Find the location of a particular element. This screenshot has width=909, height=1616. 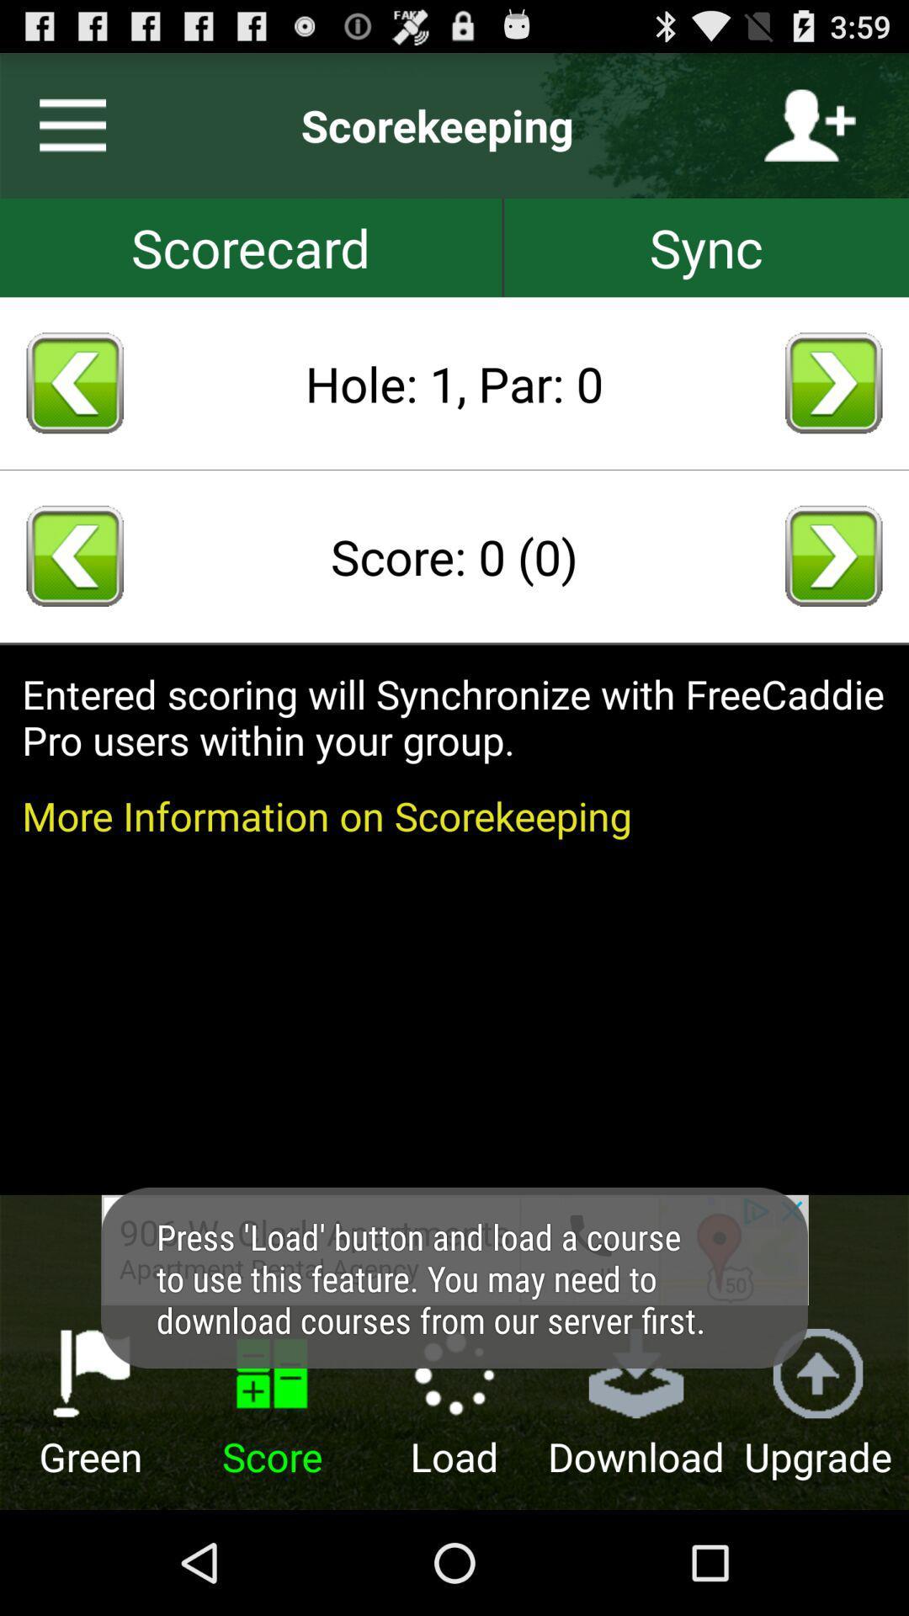

next is located at coordinates (833, 382).